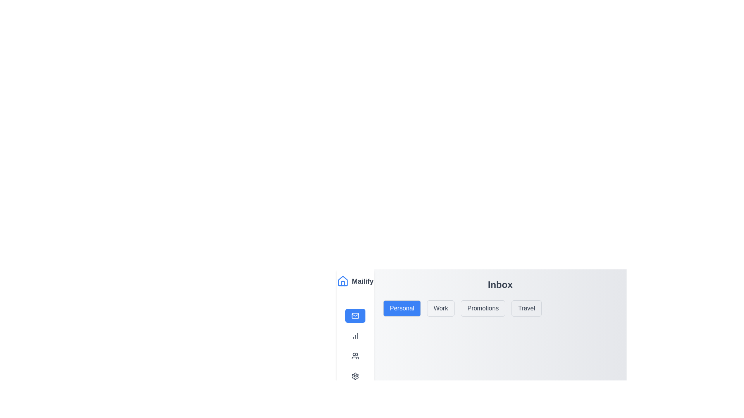 The width and height of the screenshot is (744, 418). I want to click on the navigation menu in the left sidebar, so click(355, 346).